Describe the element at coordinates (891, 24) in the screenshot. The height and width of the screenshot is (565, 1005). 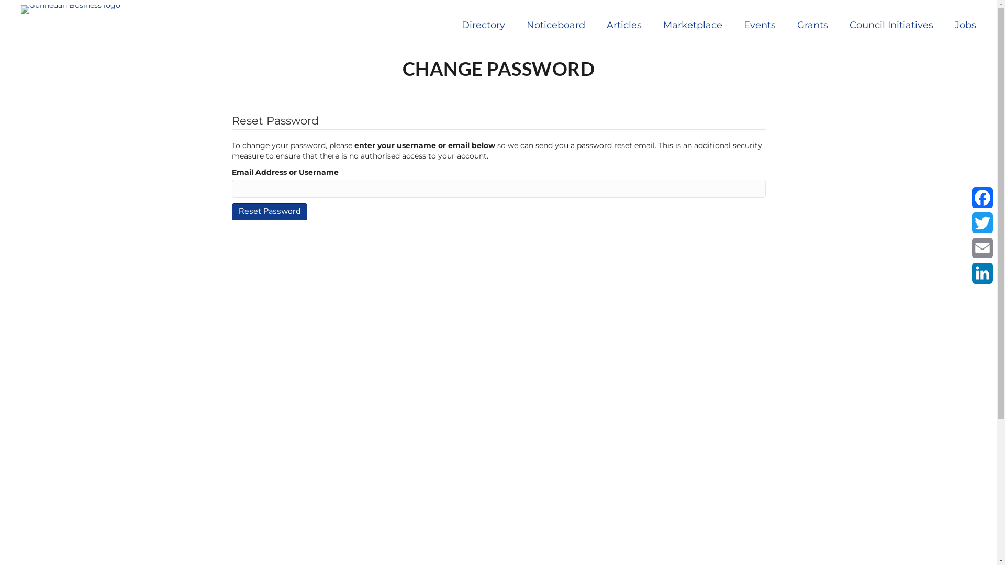
I see `'Council Initiatives'` at that location.